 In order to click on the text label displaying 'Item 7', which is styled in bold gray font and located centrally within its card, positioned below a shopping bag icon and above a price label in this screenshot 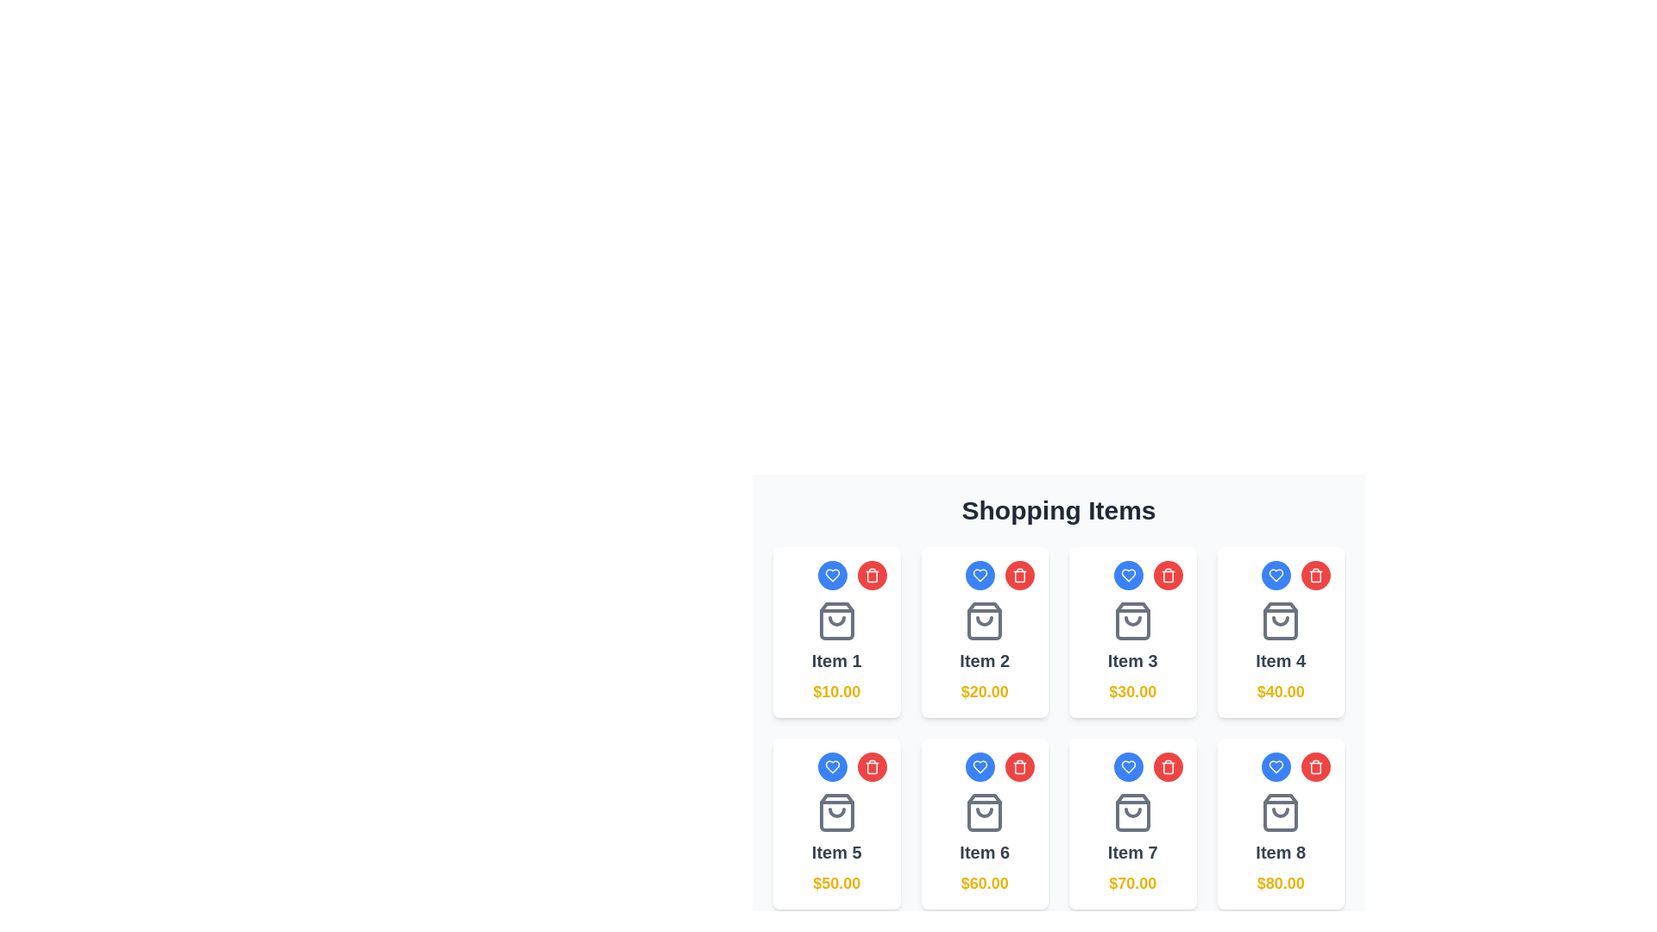, I will do `click(1132, 851)`.